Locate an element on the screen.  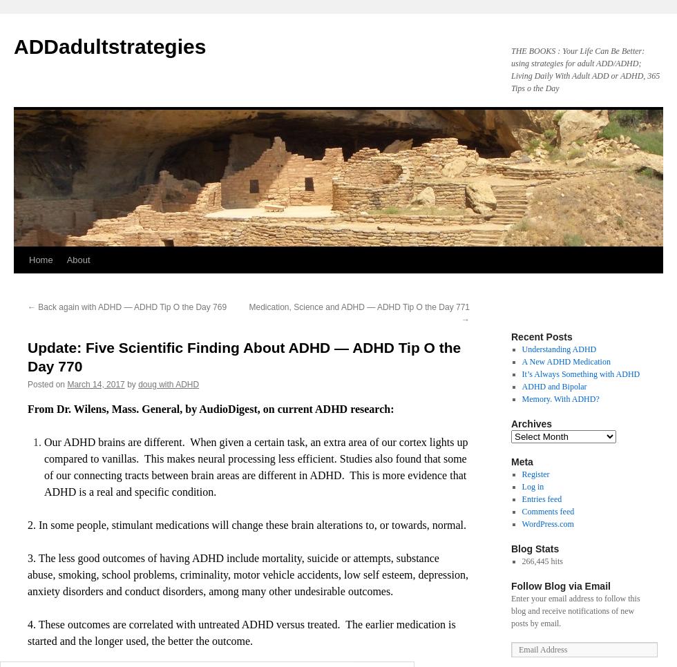
'Archives' is located at coordinates (531, 423).